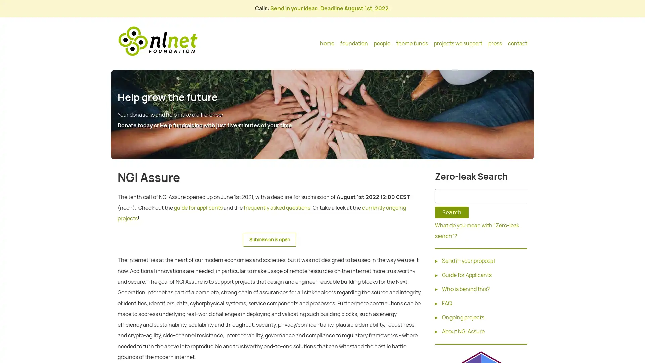 Image resolution: width=645 pixels, height=363 pixels. Describe the element at coordinates (451, 212) in the screenshot. I see `Search` at that location.